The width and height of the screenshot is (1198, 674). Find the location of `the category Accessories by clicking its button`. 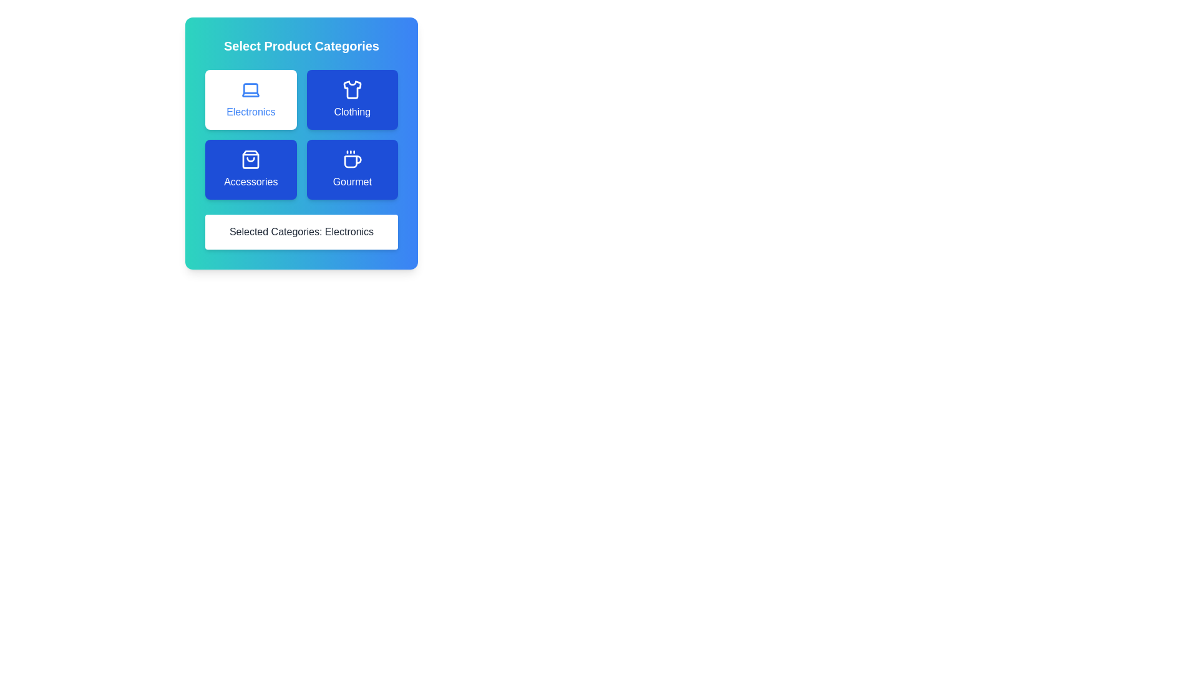

the category Accessories by clicking its button is located at coordinates (250, 170).